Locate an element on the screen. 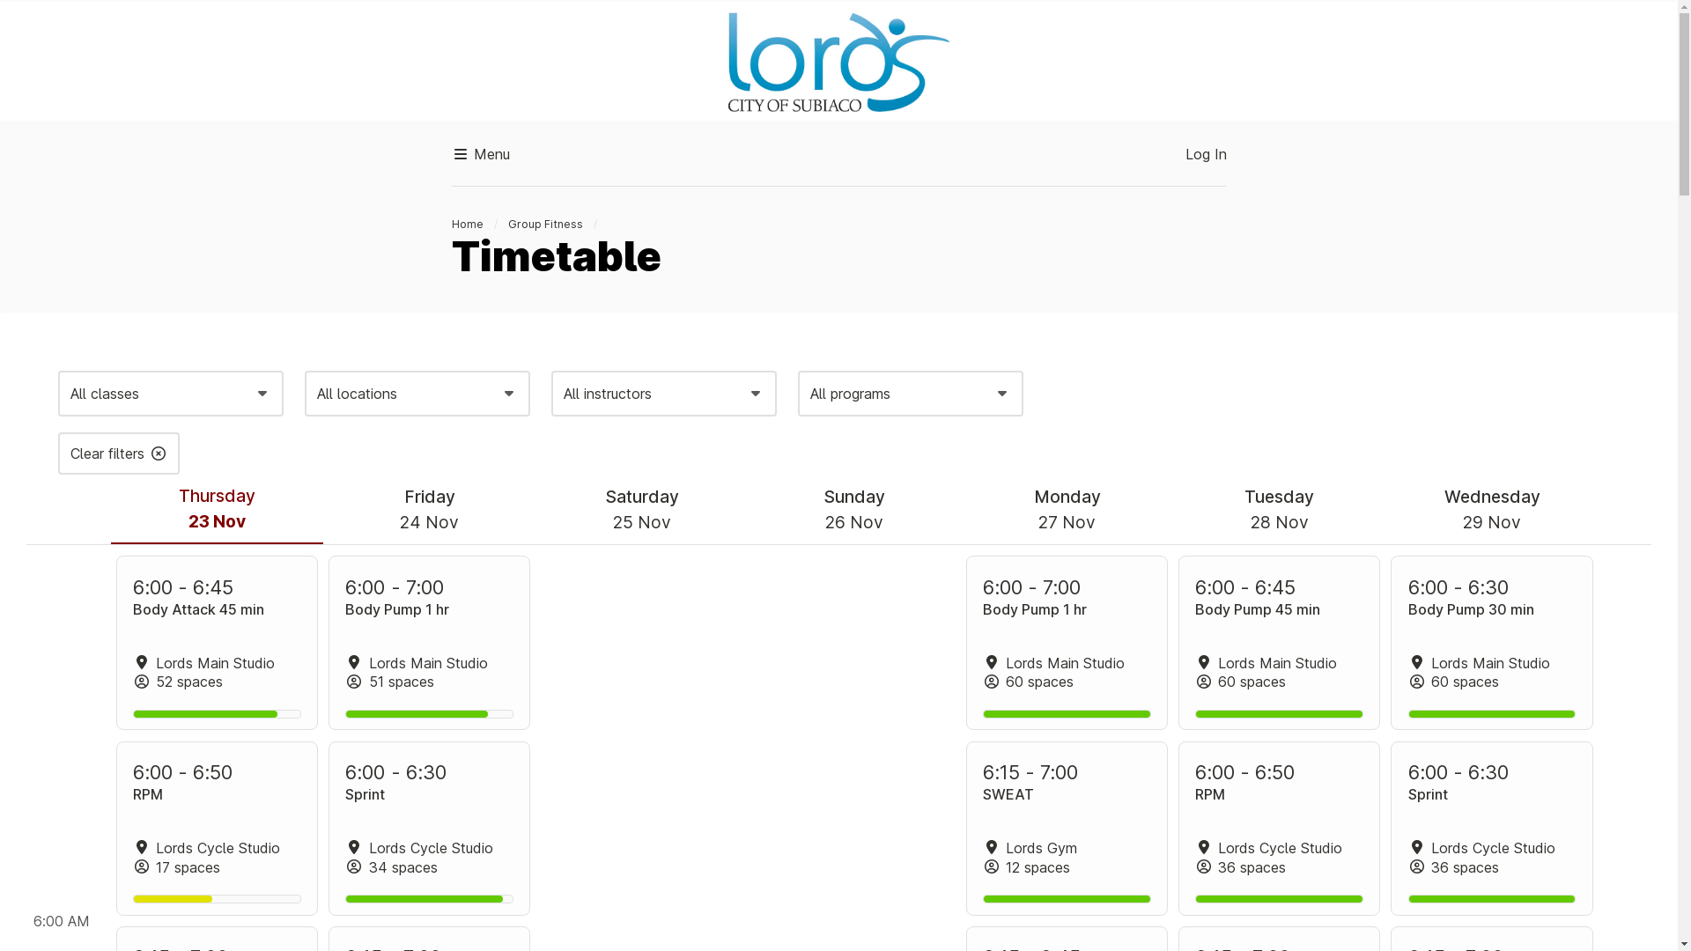  'All instructors' is located at coordinates (662, 393).